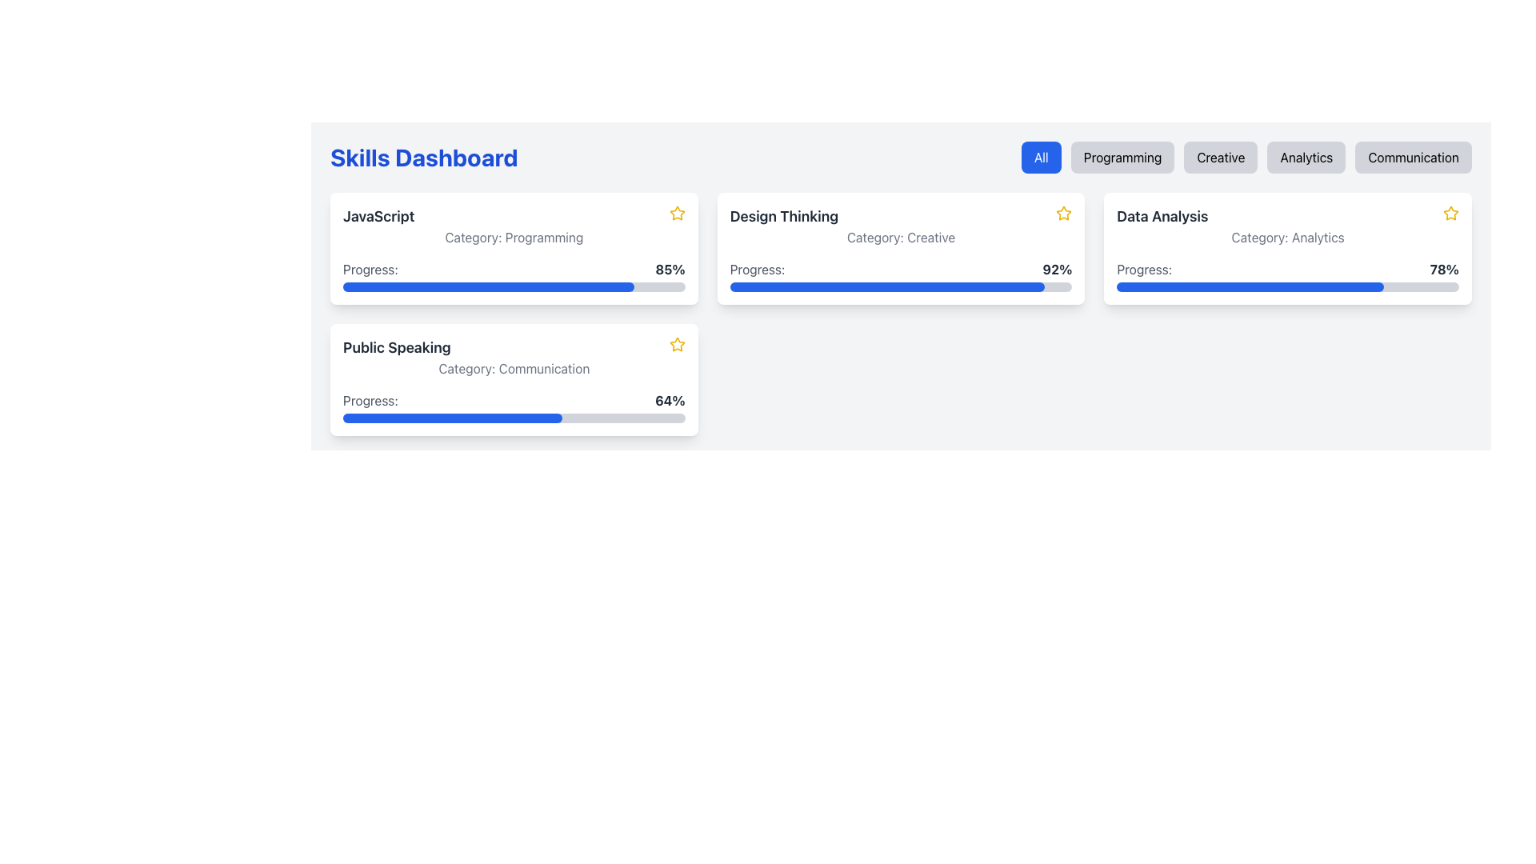  What do you see at coordinates (378, 216) in the screenshot?
I see `the bold text label displaying 'JavaScript' in a large font size, located in the programming category section of the 'Skills Dashboard'` at bounding box center [378, 216].